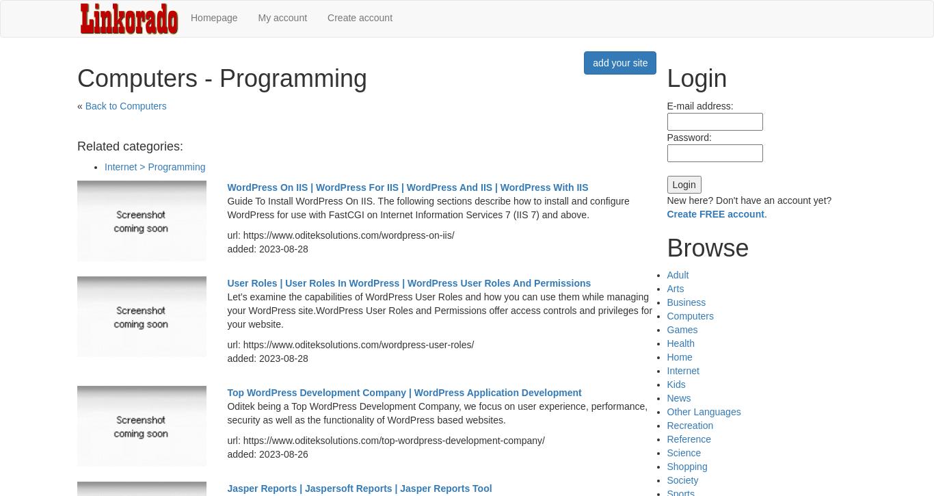 The height and width of the screenshot is (496, 934). Describe the element at coordinates (667, 288) in the screenshot. I see `'Arts'` at that location.